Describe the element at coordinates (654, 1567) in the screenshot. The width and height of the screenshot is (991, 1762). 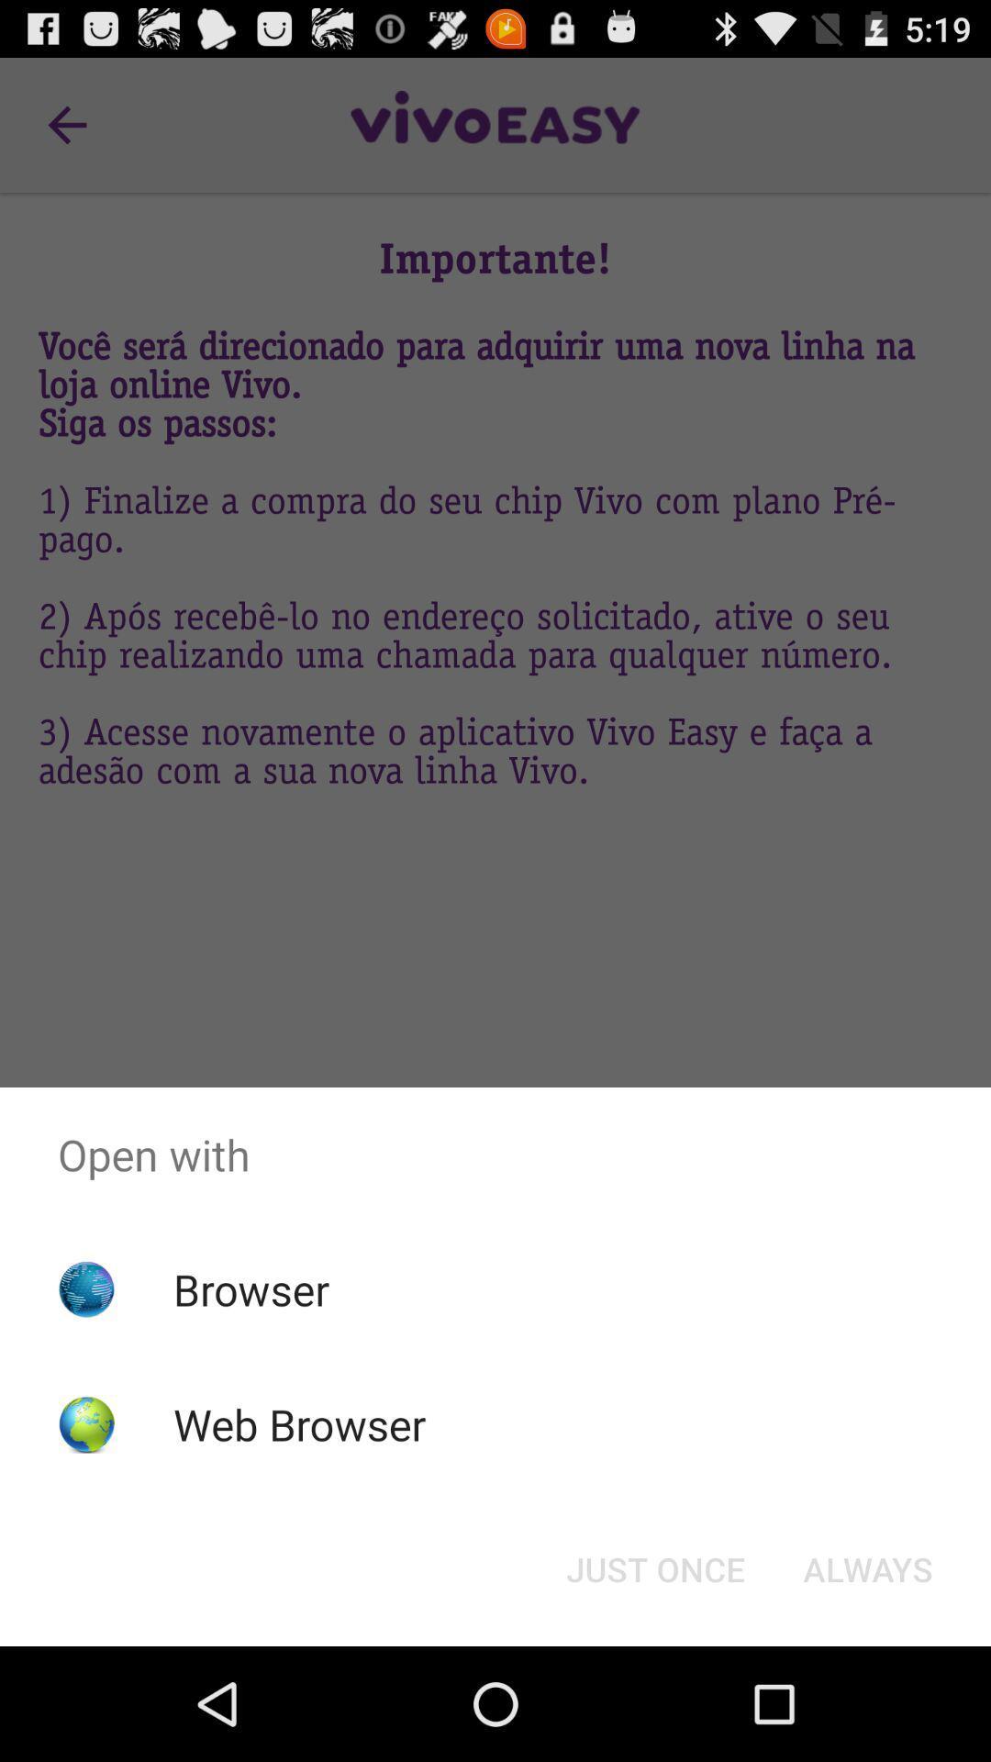
I see `the app below open with app` at that location.